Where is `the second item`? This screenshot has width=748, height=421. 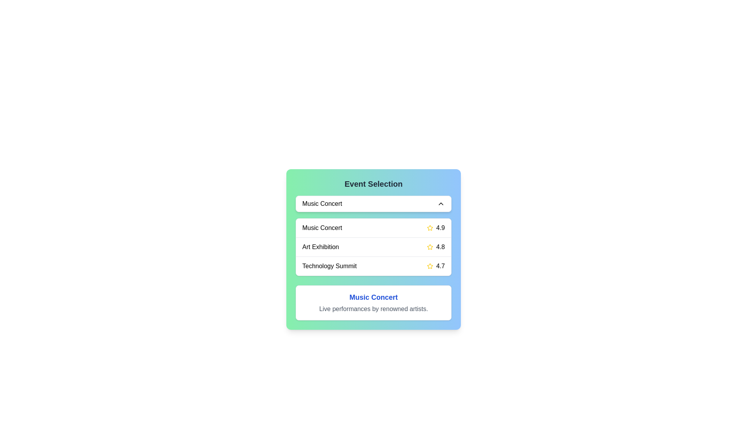
the second item is located at coordinates (373, 249).